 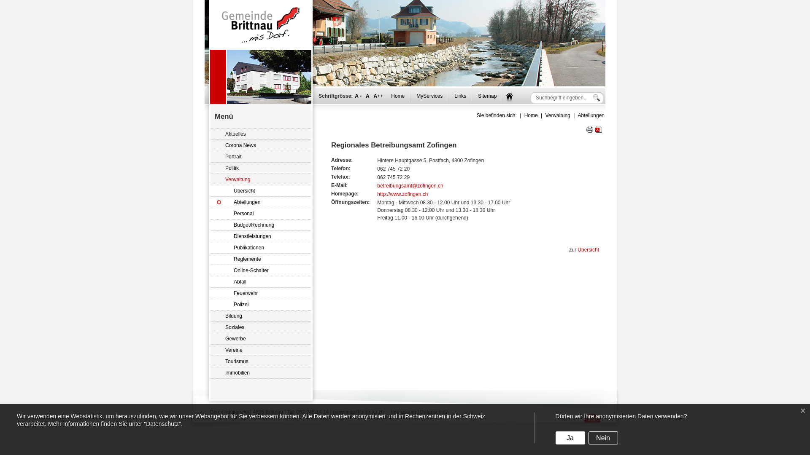 I want to click on 'Politik', so click(x=211, y=168).